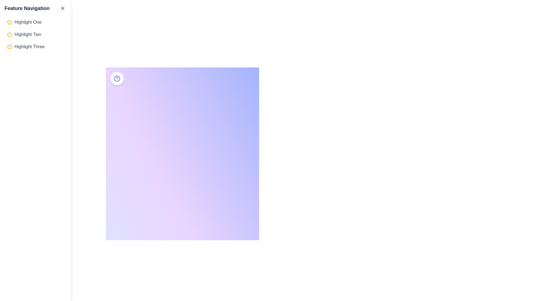  What do you see at coordinates (9, 22) in the screenshot?
I see `the star icon next to 'Highlight One'` at bounding box center [9, 22].